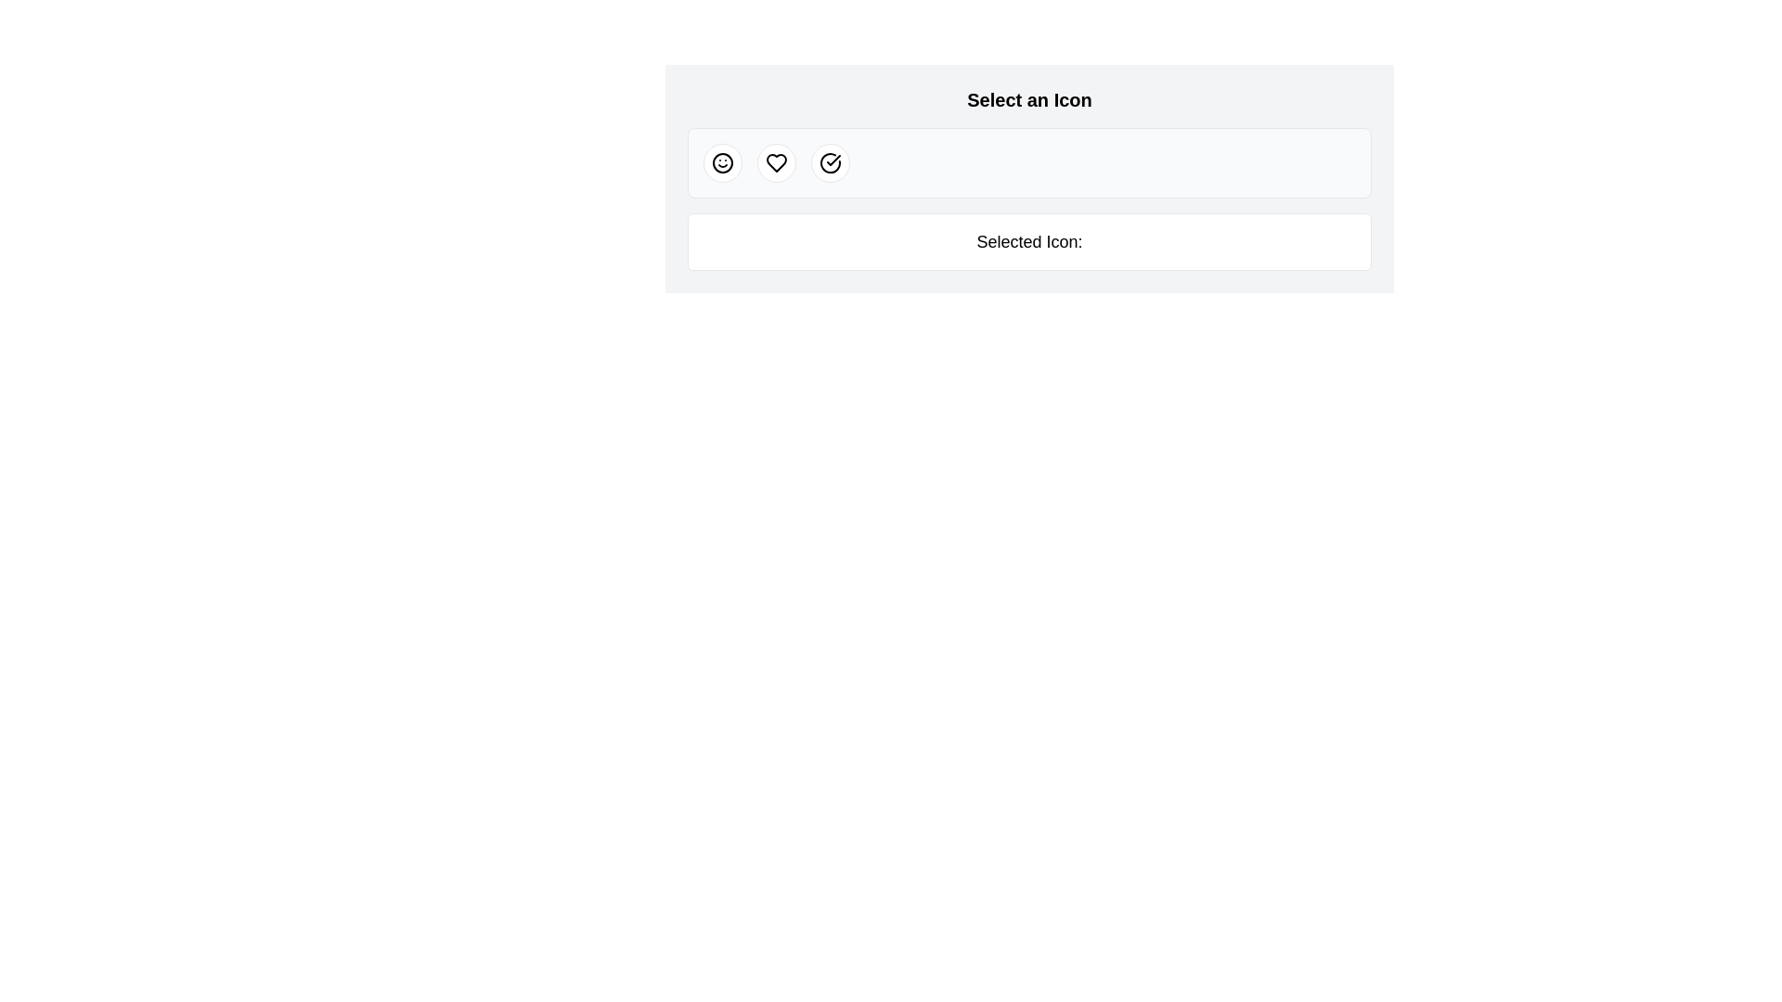 This screenshot has height=1002, width=1782. Describe the element at coordinates (776, 162) in the screenshot. I see `the heart-shaped outline icon, which is the second icon from the left among three horizontally aligned icons` at that location.